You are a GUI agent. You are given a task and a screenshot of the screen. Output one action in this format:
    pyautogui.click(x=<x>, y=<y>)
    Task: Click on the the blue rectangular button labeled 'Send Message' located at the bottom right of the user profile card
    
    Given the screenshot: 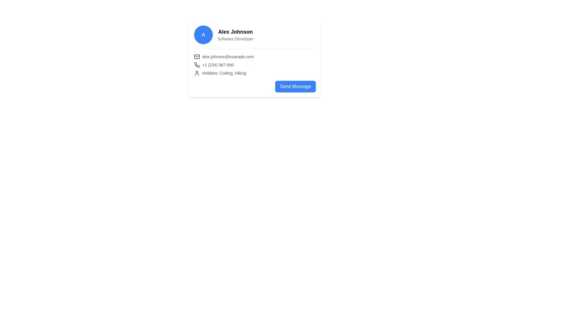 What is the action you would take?
    pyautogui.click(x=295, y=87)
    